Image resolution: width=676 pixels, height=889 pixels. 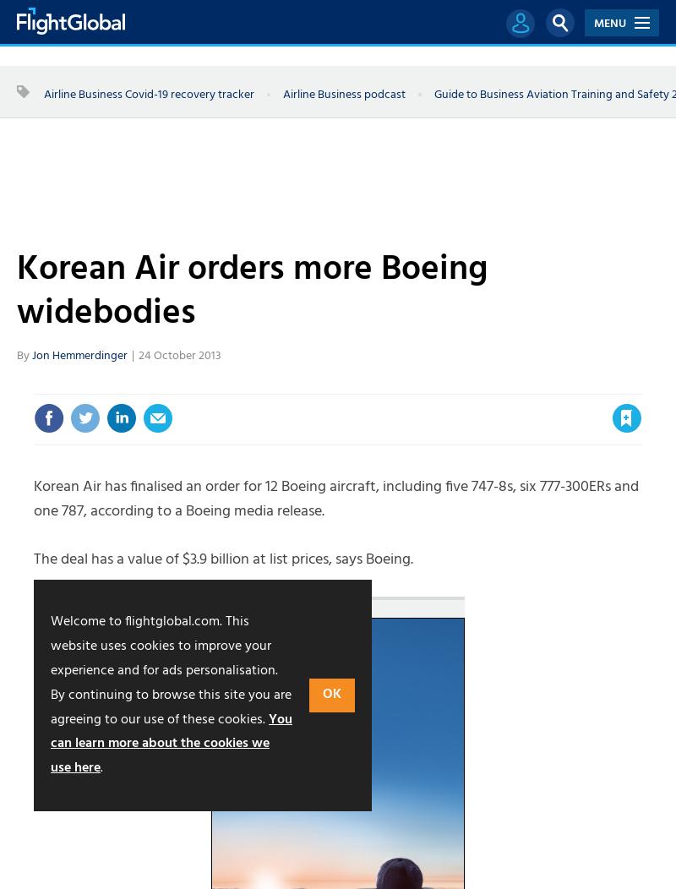 What do you see at coordinates (25, 354) in the screenshot?
I see `'By'` at bounding box center [25, 354].